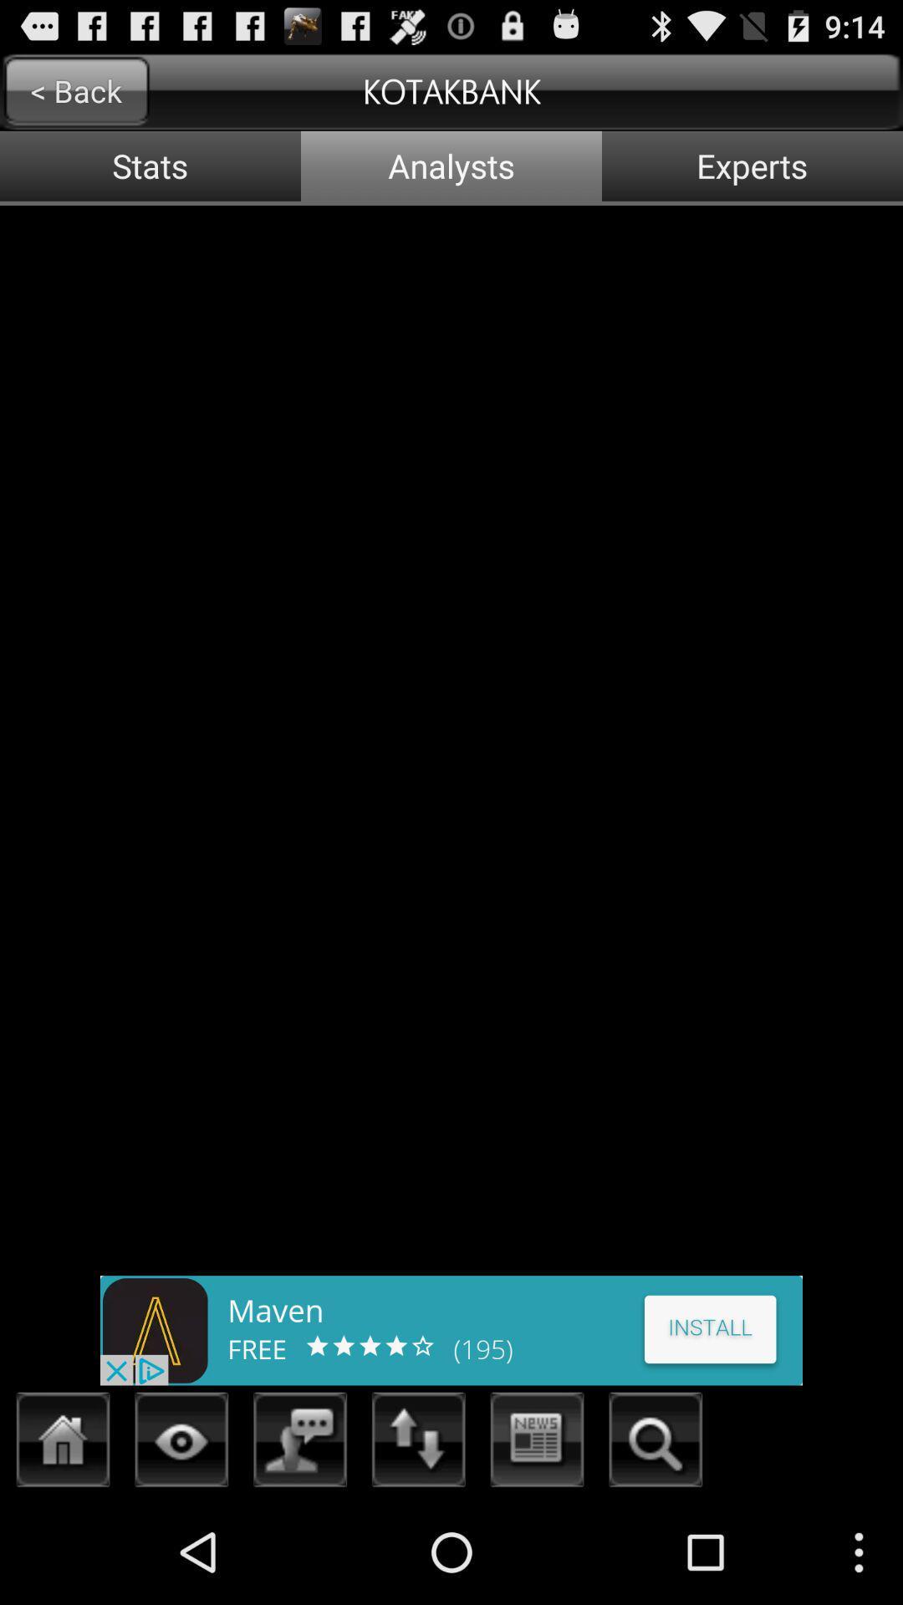 Image resolution: width=903 pixels, height=1605 pixels. Describe the element at coordinates (181, 1545) in the screenshot. I see `the visibility icon` at that location.